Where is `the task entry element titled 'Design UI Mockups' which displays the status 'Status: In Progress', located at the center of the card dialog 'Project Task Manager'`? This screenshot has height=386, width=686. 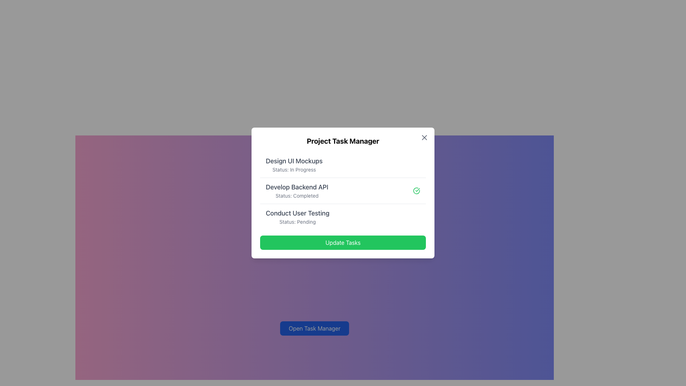 the task entry element titled 'Design UI Mockups' which displays the status 'Status: In Progress', located at the center of the card dialog 'Project Task Manager' is located at coordinates (343, 165).